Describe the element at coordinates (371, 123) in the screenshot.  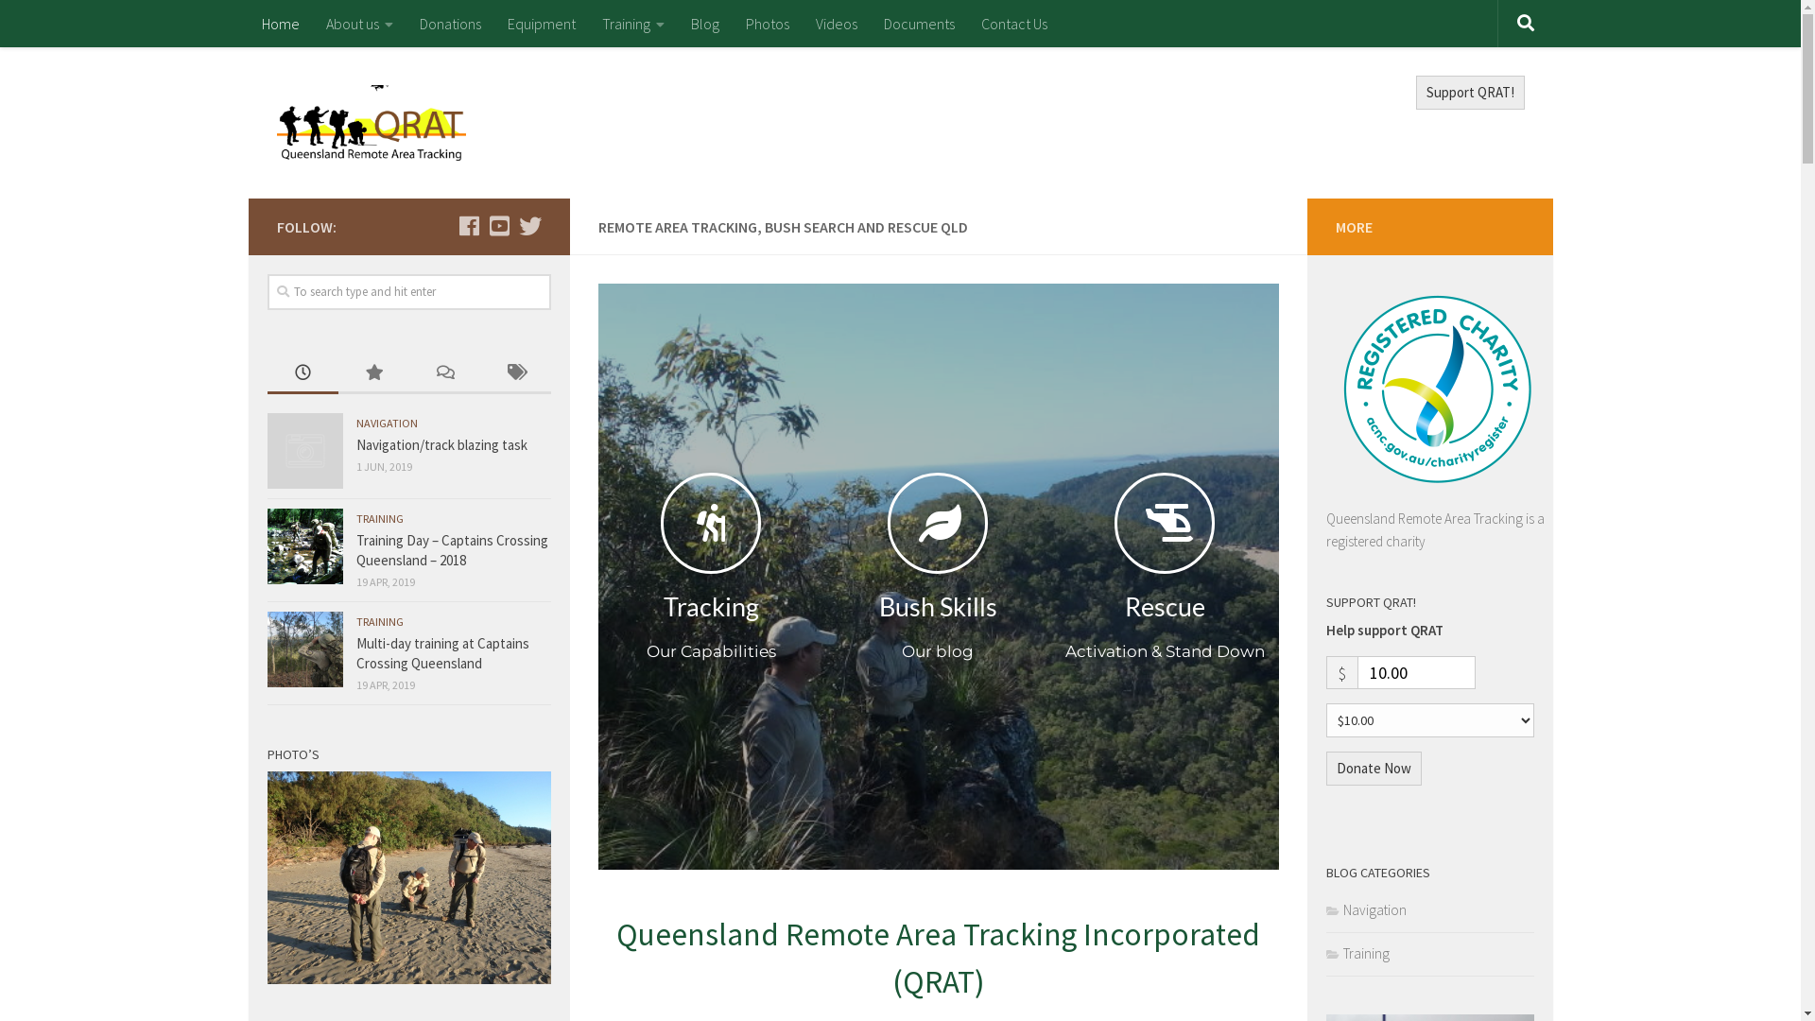
I see `'QLD Remote Area Tracking - Bush Search - Rescue | Home page'` at that location.